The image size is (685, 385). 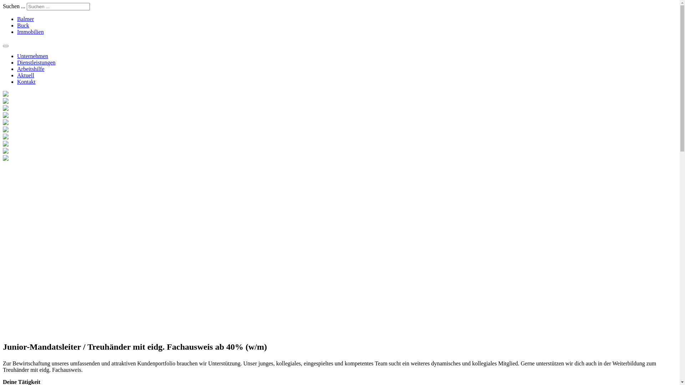 What do you see at coordinates (17, 25) in the screenshot?
I see `'Buck'` at bounding box center [17, 25].